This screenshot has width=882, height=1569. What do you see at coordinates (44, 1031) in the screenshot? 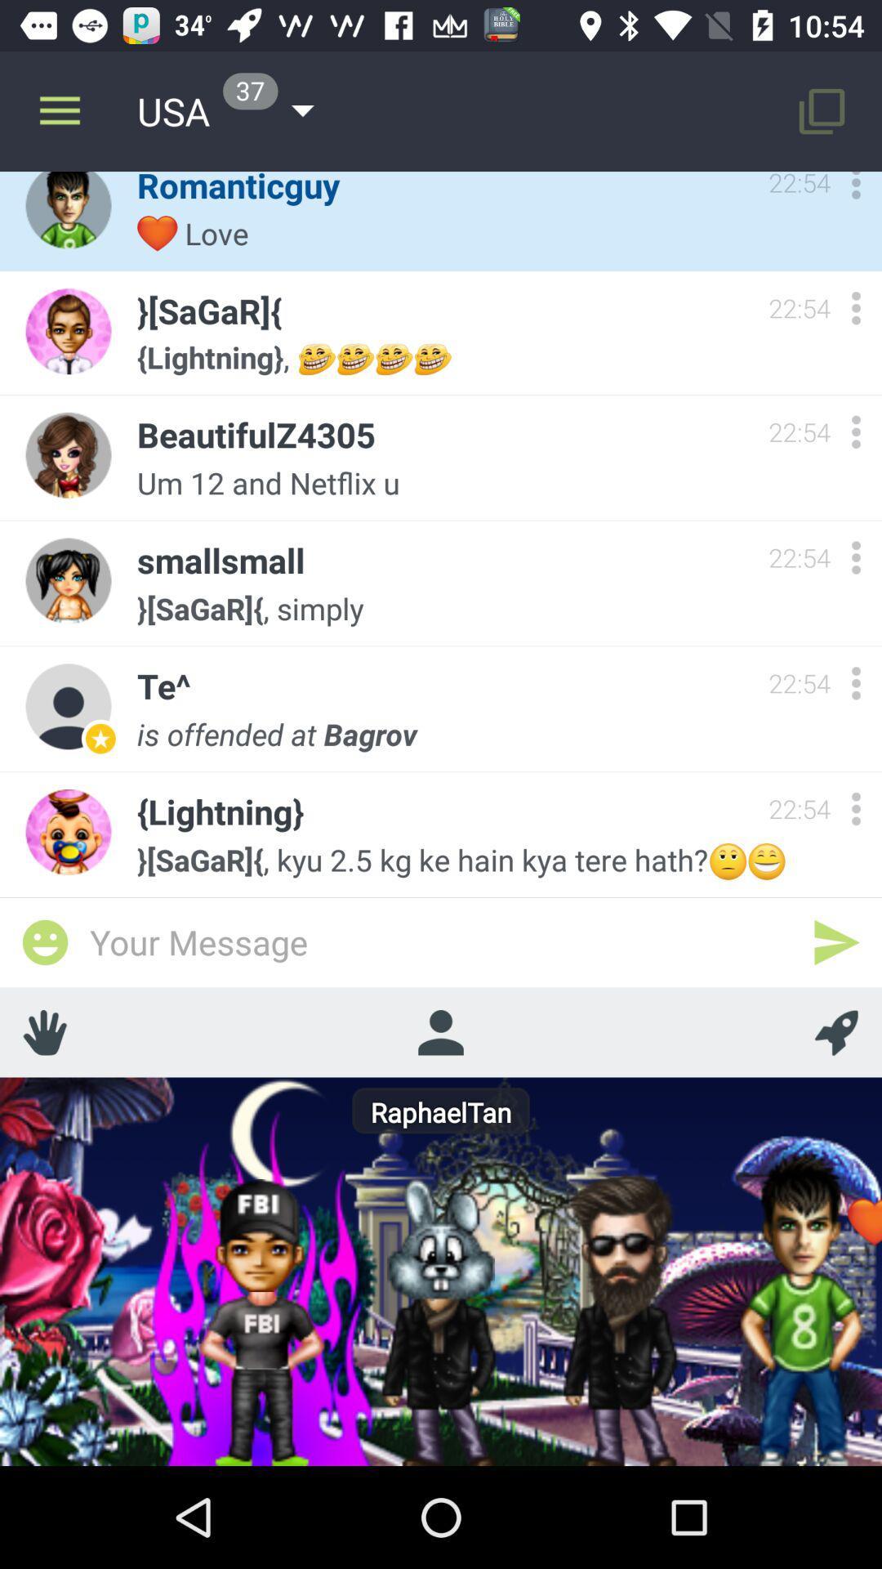
I see `share the article` at bounding box center [44, 1031].